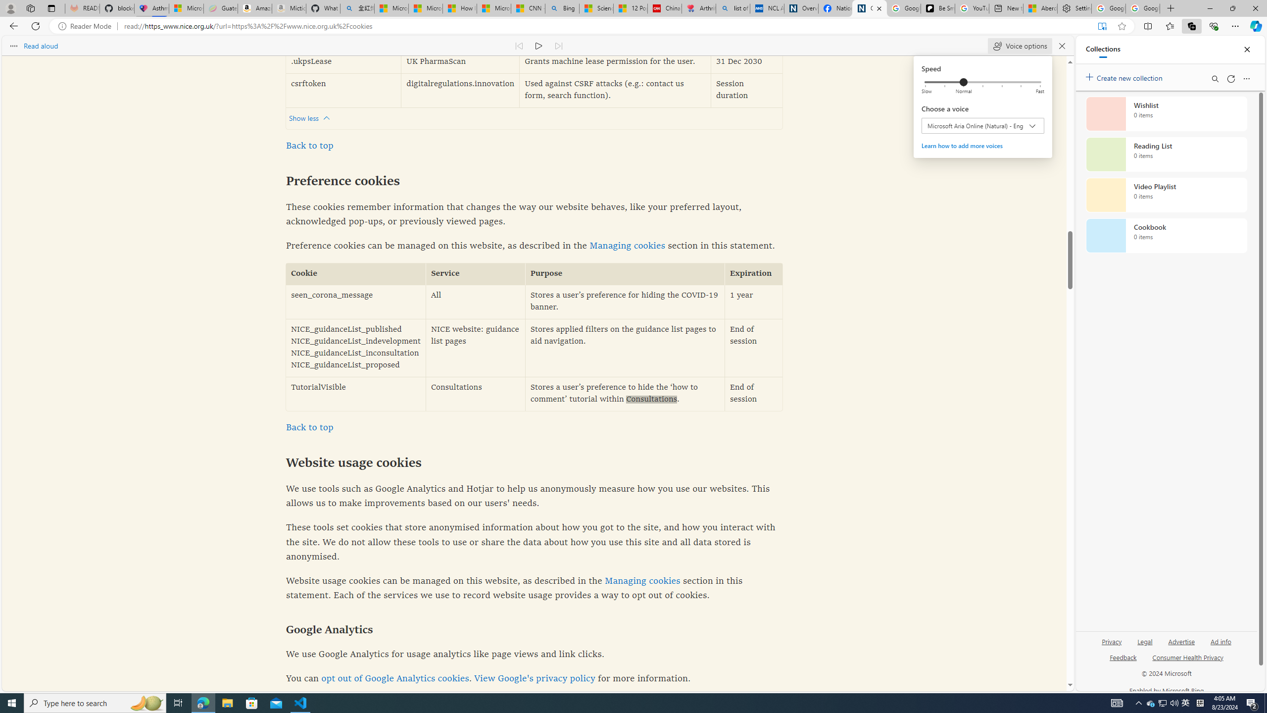 Image resolution: width=1267 pixels, height=713 pixels. What do you see at coordinates (746, 62) in the screenshot?
I see `'31 Dec 2030'` at bounding box center [746, 62].